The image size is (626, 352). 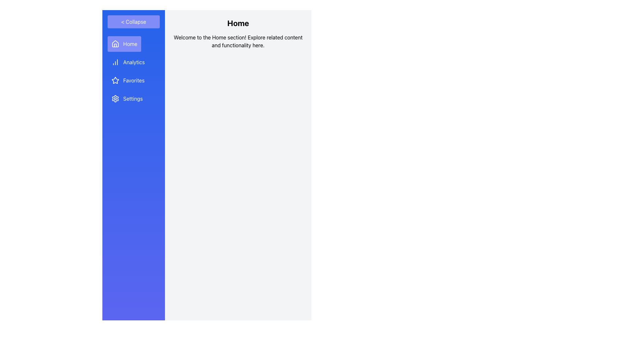 What do you see at coordinates (128, 80) in the screenshot?
I see `the 'Favorites' navigation button located as the third item in the vertical navigation menu, situated between 'Analytics' and 'Settings'` at bounding box center [128, 80].